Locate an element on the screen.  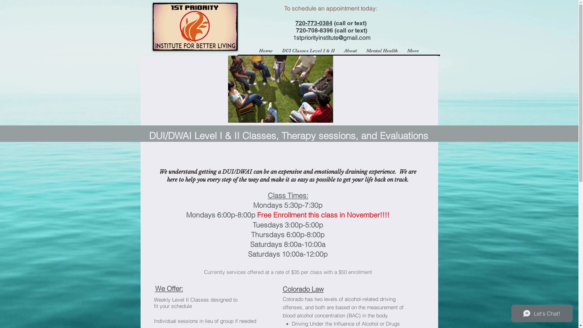
'Mental Health' is located at coordinates (381, 50).